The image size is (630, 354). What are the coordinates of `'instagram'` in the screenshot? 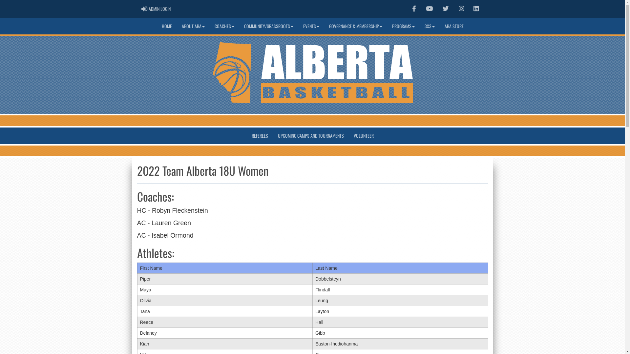 It's located at (461, 9).